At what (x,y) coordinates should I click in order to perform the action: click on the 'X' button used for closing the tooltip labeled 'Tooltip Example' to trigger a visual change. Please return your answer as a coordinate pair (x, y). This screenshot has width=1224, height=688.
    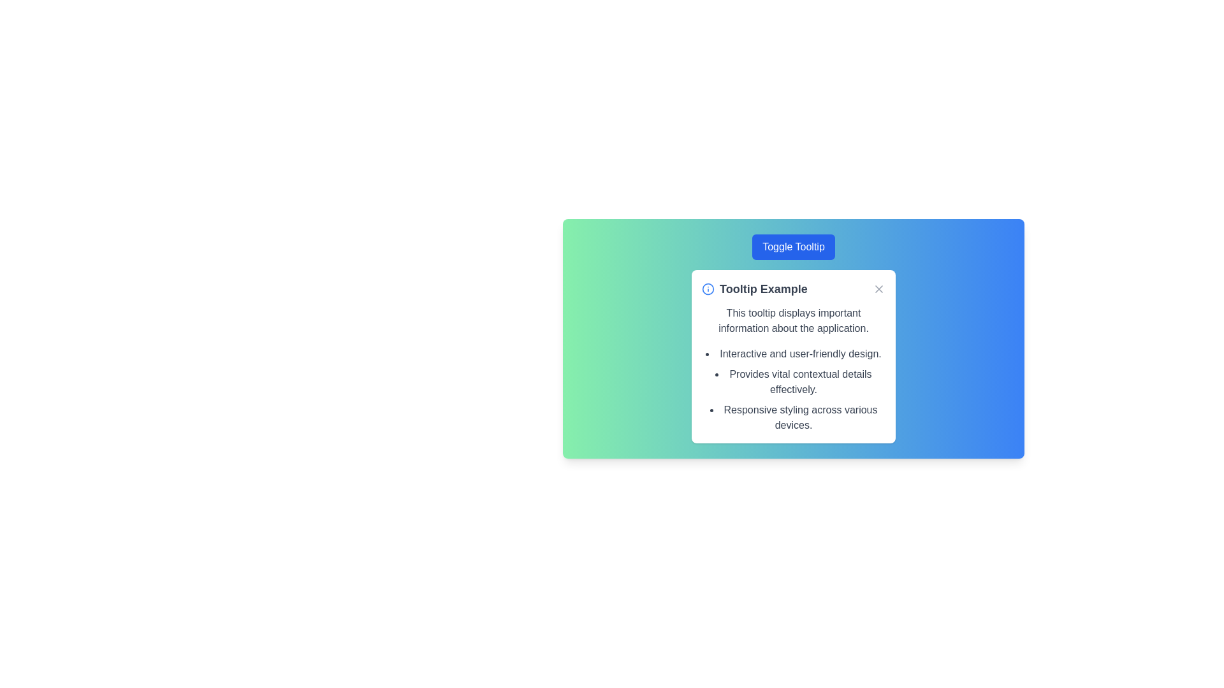
    Looking at the image, I should click on (878, 289).